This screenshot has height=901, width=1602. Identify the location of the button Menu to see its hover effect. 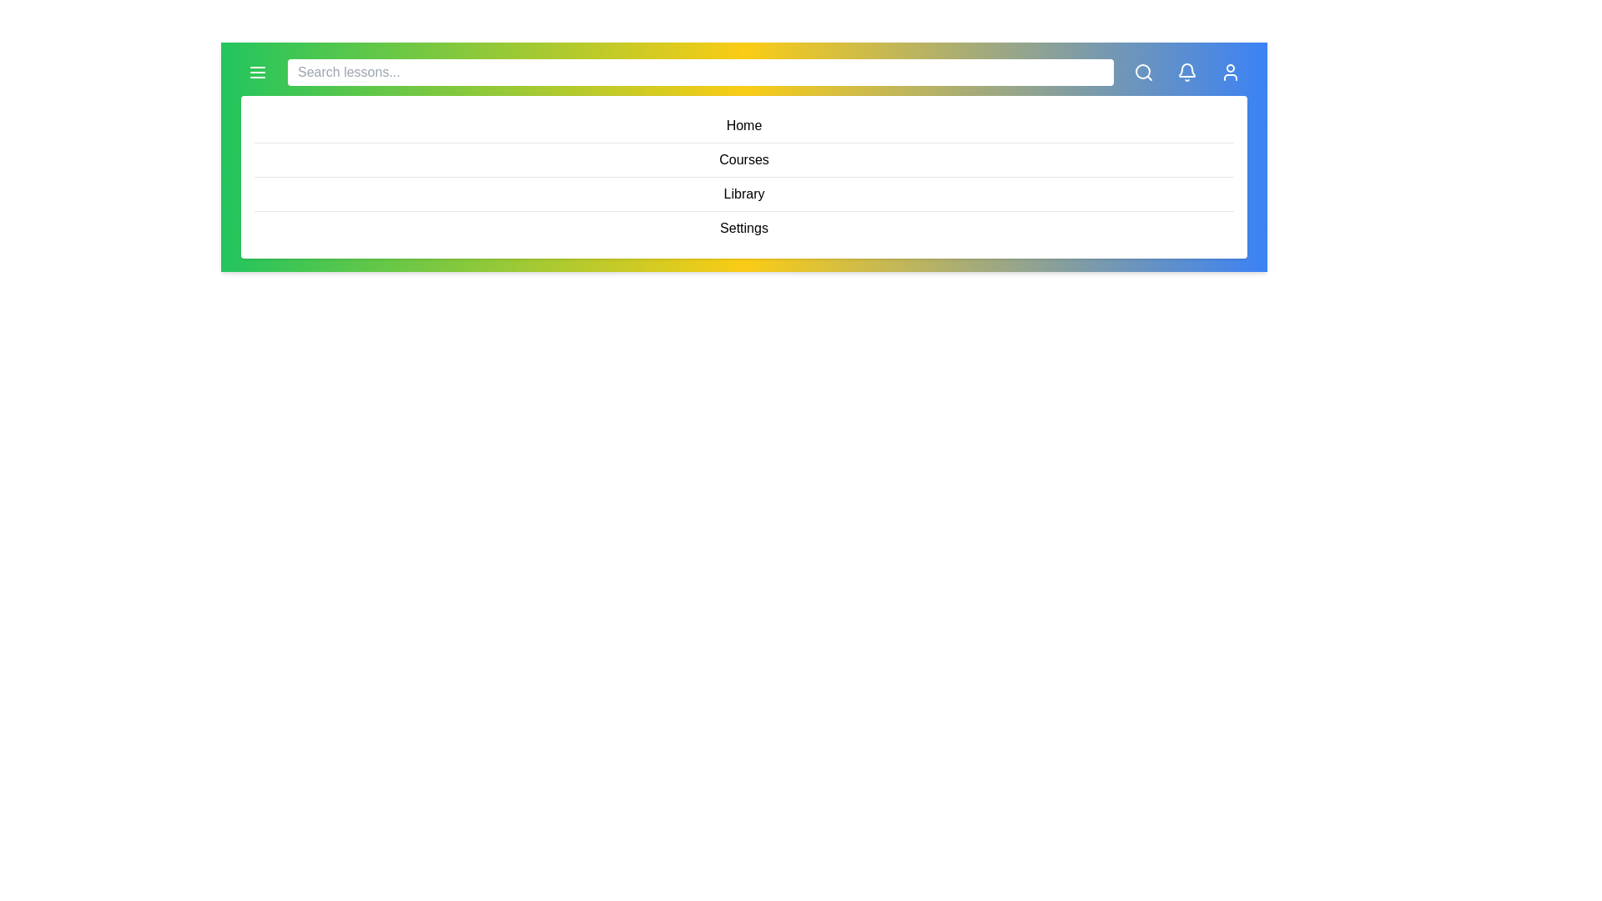
(256, 72).